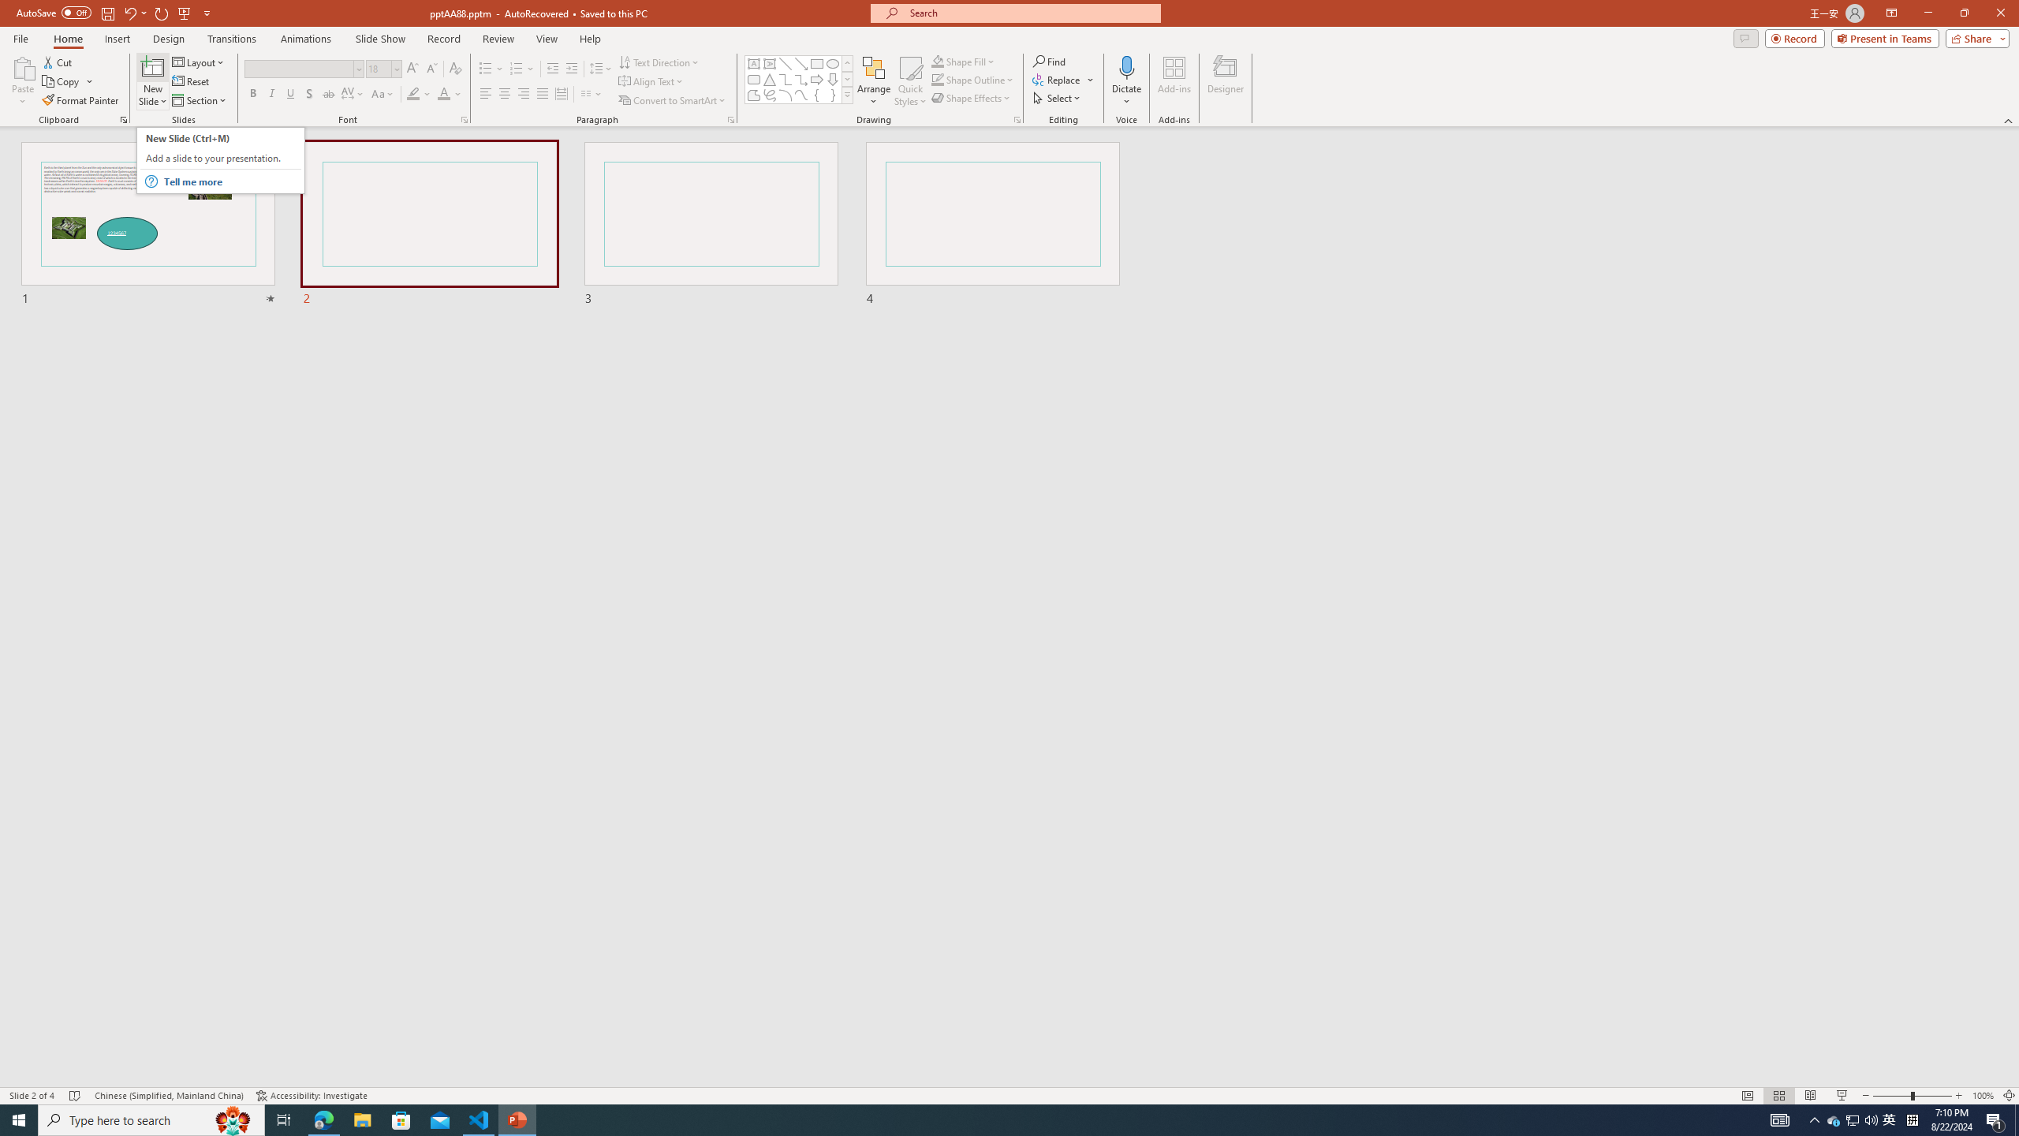  What do you see at coordinates (784, 94) in the screenshot?
I see `'Arc'` at bounding box center [784, 94].